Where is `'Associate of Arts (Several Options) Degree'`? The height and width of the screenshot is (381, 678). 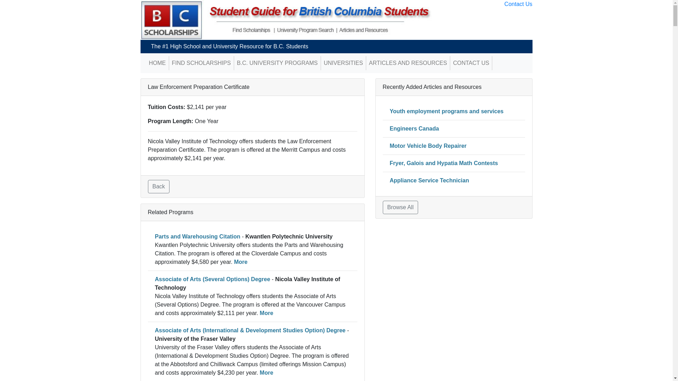 'Associate of Arts (Several Options) Degree' is located at coordinates (212, 279).